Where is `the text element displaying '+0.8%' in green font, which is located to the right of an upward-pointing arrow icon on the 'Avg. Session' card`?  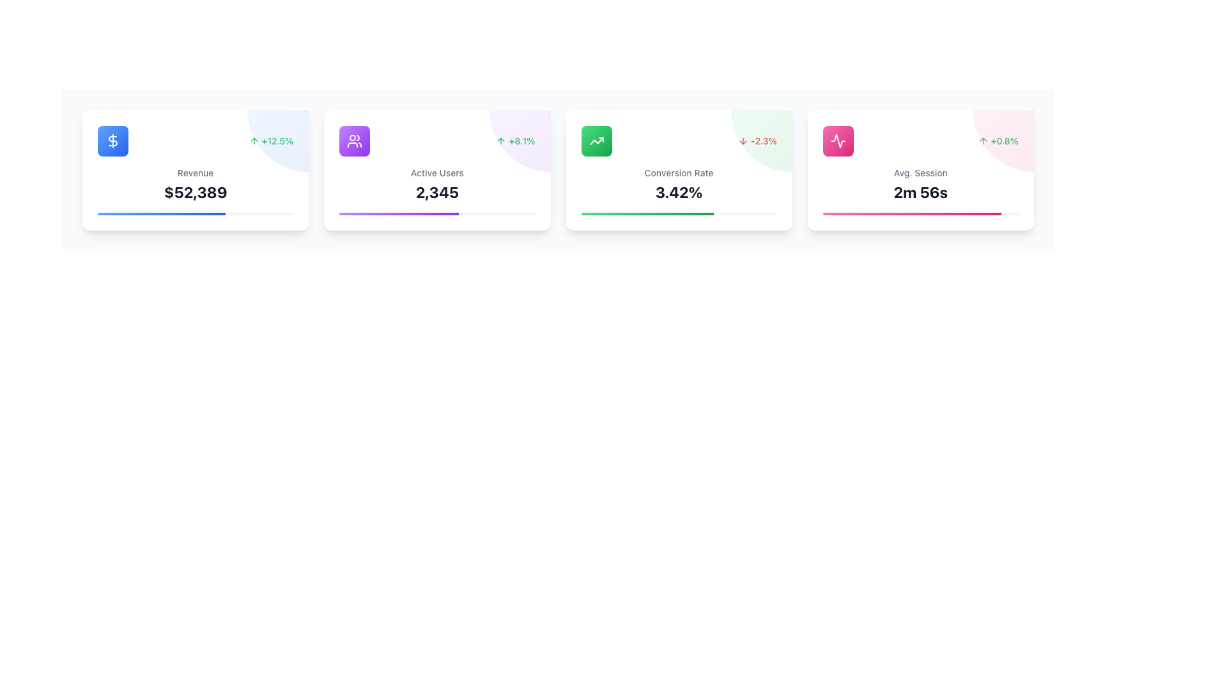
the text element displaying '+0.8%' in green font, which is located to the right of an upward-pointing arrow icon on the 'Avg. Session' card is located at coordinates (1004, 141).